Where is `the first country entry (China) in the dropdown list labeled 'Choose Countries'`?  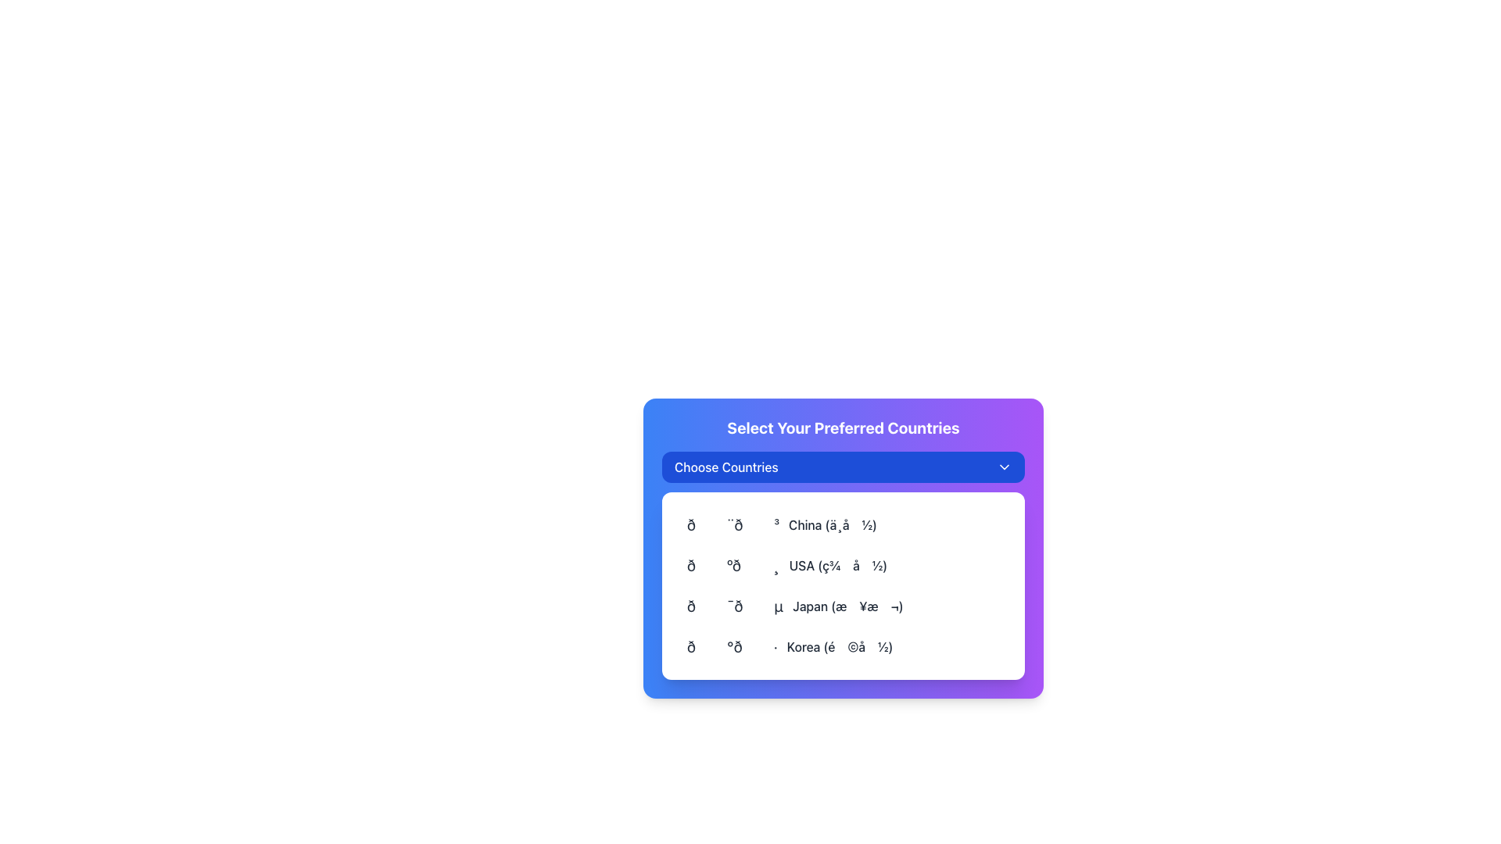 the first country entry (China) in the dropdown list labeled 'Choose Countries' is located at coordinates (843, 524).